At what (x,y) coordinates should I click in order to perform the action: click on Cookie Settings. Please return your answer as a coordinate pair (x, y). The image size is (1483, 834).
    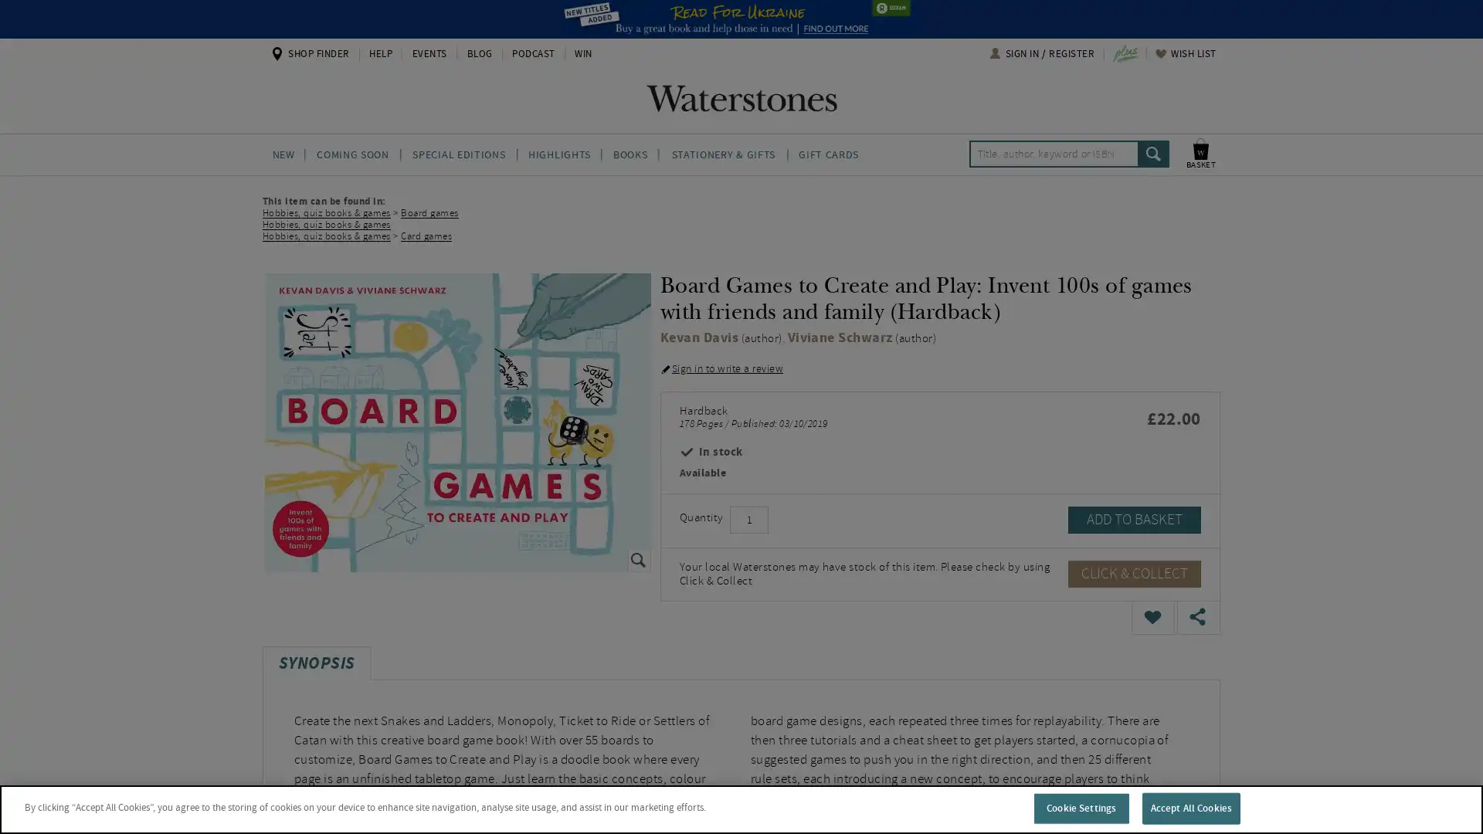
    Looking at the image, I should click on (1080, 807).